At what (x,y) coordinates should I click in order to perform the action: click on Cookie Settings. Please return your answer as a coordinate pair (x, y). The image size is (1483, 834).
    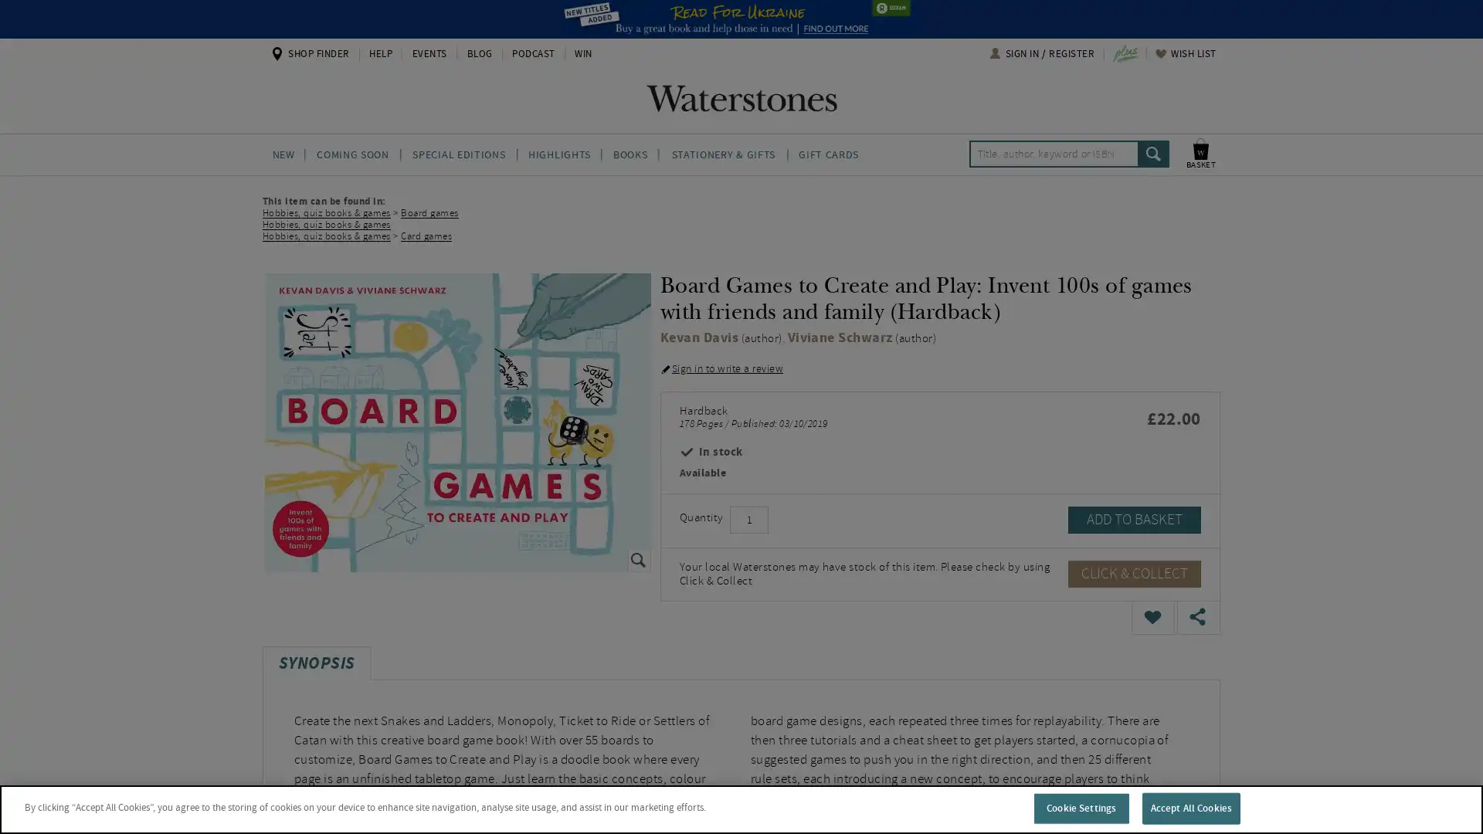
    Looking at the image, I should click on (1080, 807).